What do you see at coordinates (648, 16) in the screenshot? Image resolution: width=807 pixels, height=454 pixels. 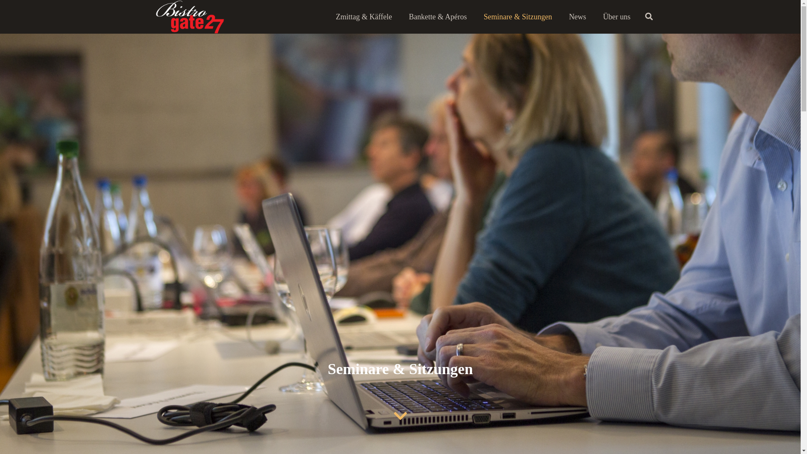 I see `'Suchen'` at bounding box center [648, 16].